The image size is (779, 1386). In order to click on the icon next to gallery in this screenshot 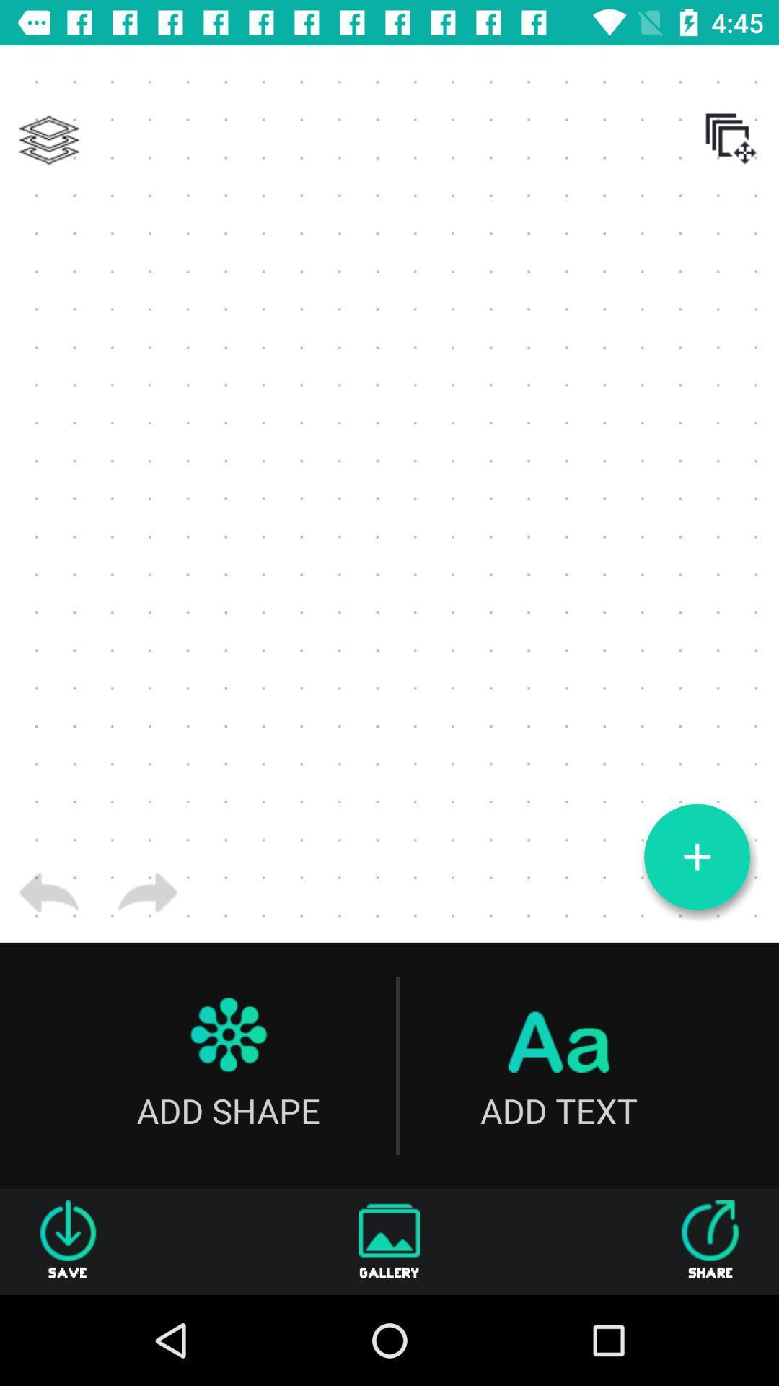, I will do `click(710, 1241)`.